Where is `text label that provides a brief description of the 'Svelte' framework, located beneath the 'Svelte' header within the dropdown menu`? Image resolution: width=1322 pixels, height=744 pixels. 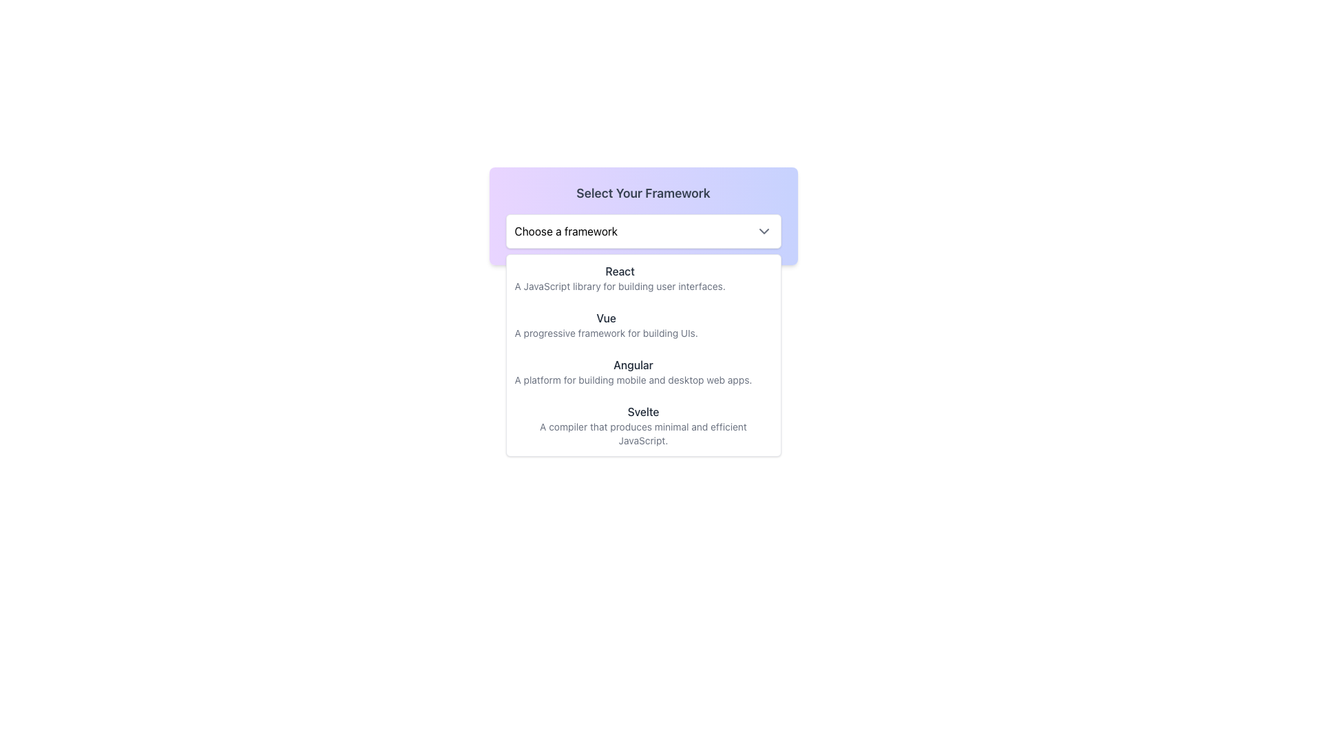 text label that provides a brief description of the 'Svelte' framework, located beneath the 'Svelte' header within the dropdown menu is located at coordinates (642, 433).